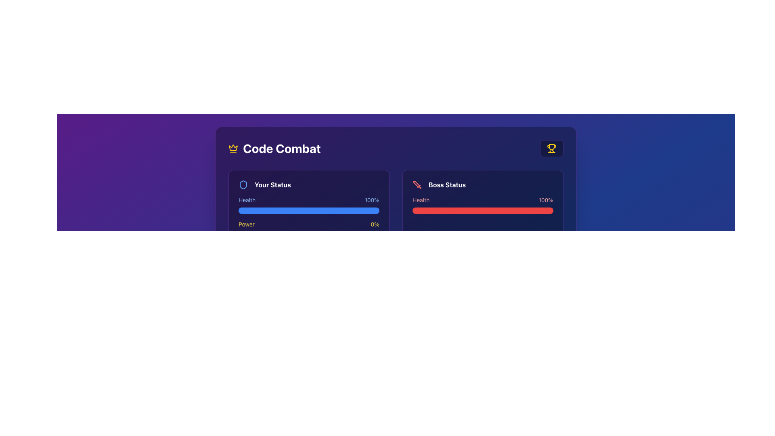 This screenshot has height=436, width=775. Describe the element at coordinates (483, 210) in the screenshot. I see `the horizontal progress bar within the 'Boss Status' card, located under the label 'Health' and above the percentage indicator '100%'` at that location.